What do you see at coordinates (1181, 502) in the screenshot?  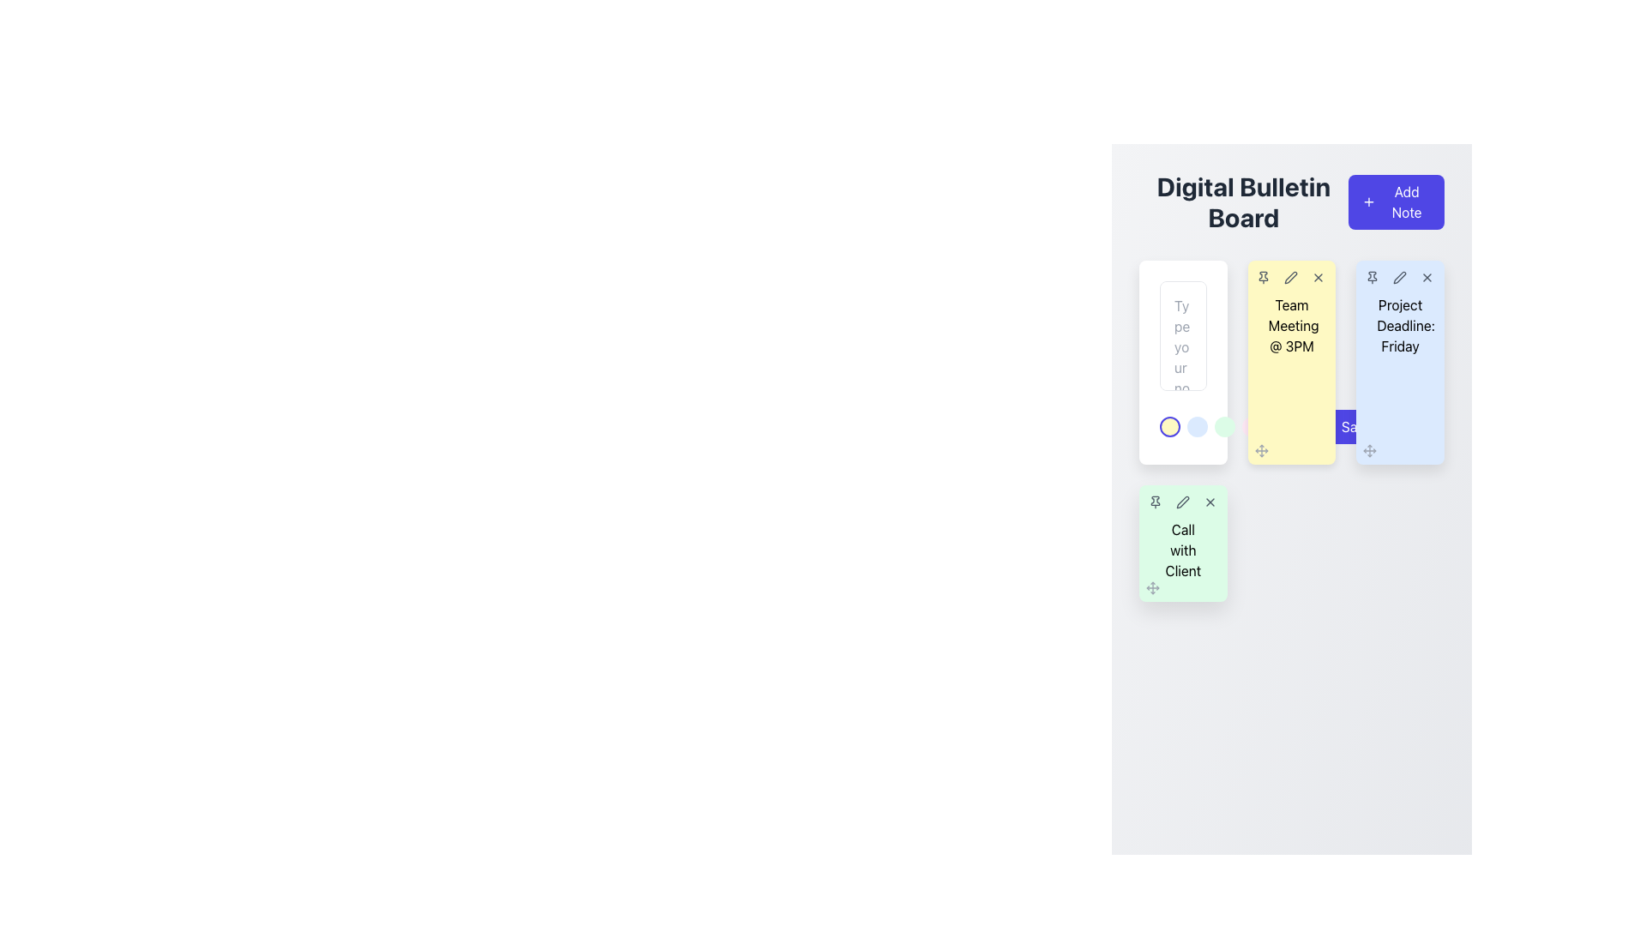 I see `the edit button, which is the second clickable icon in the top-right corner of the light green card labeled 'Call with Client', to initiate editing` at bounding box center [1181, 502].